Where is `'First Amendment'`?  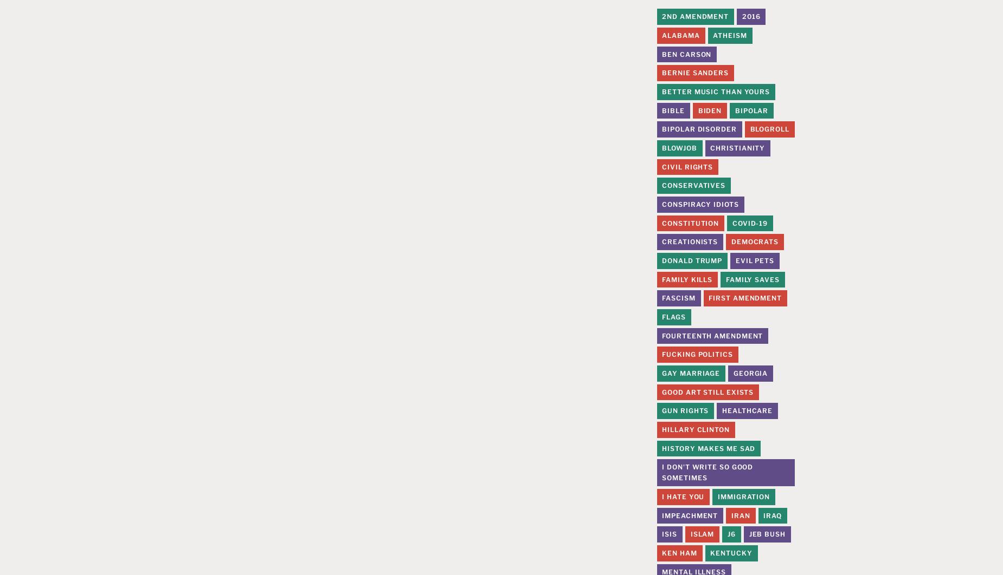
'First Amendment' is located at coordinates (744, 298).